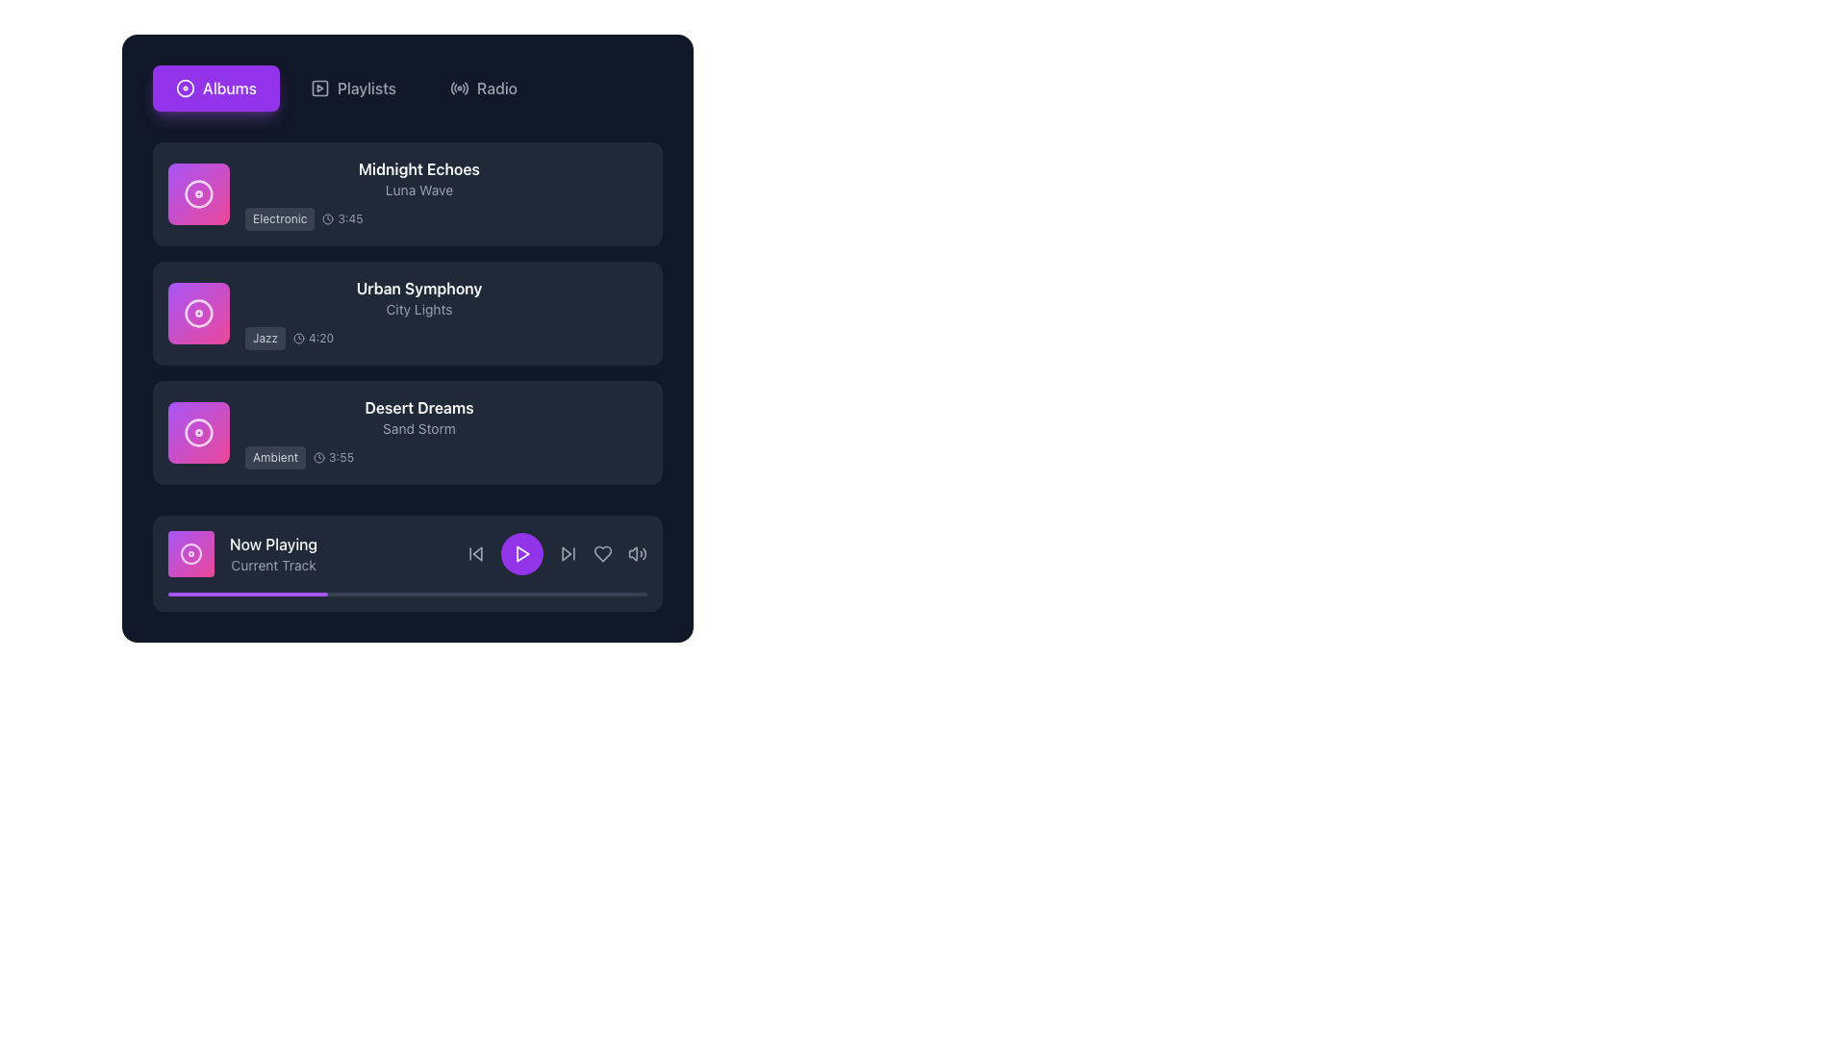 The image size is (1847, 1039). I want to click on the circular icon with a white stroke and slight opacity, located in the second item of the vertical list of music tracks for 'Urban Symphony' by 'City Lights', so click(198, 313).